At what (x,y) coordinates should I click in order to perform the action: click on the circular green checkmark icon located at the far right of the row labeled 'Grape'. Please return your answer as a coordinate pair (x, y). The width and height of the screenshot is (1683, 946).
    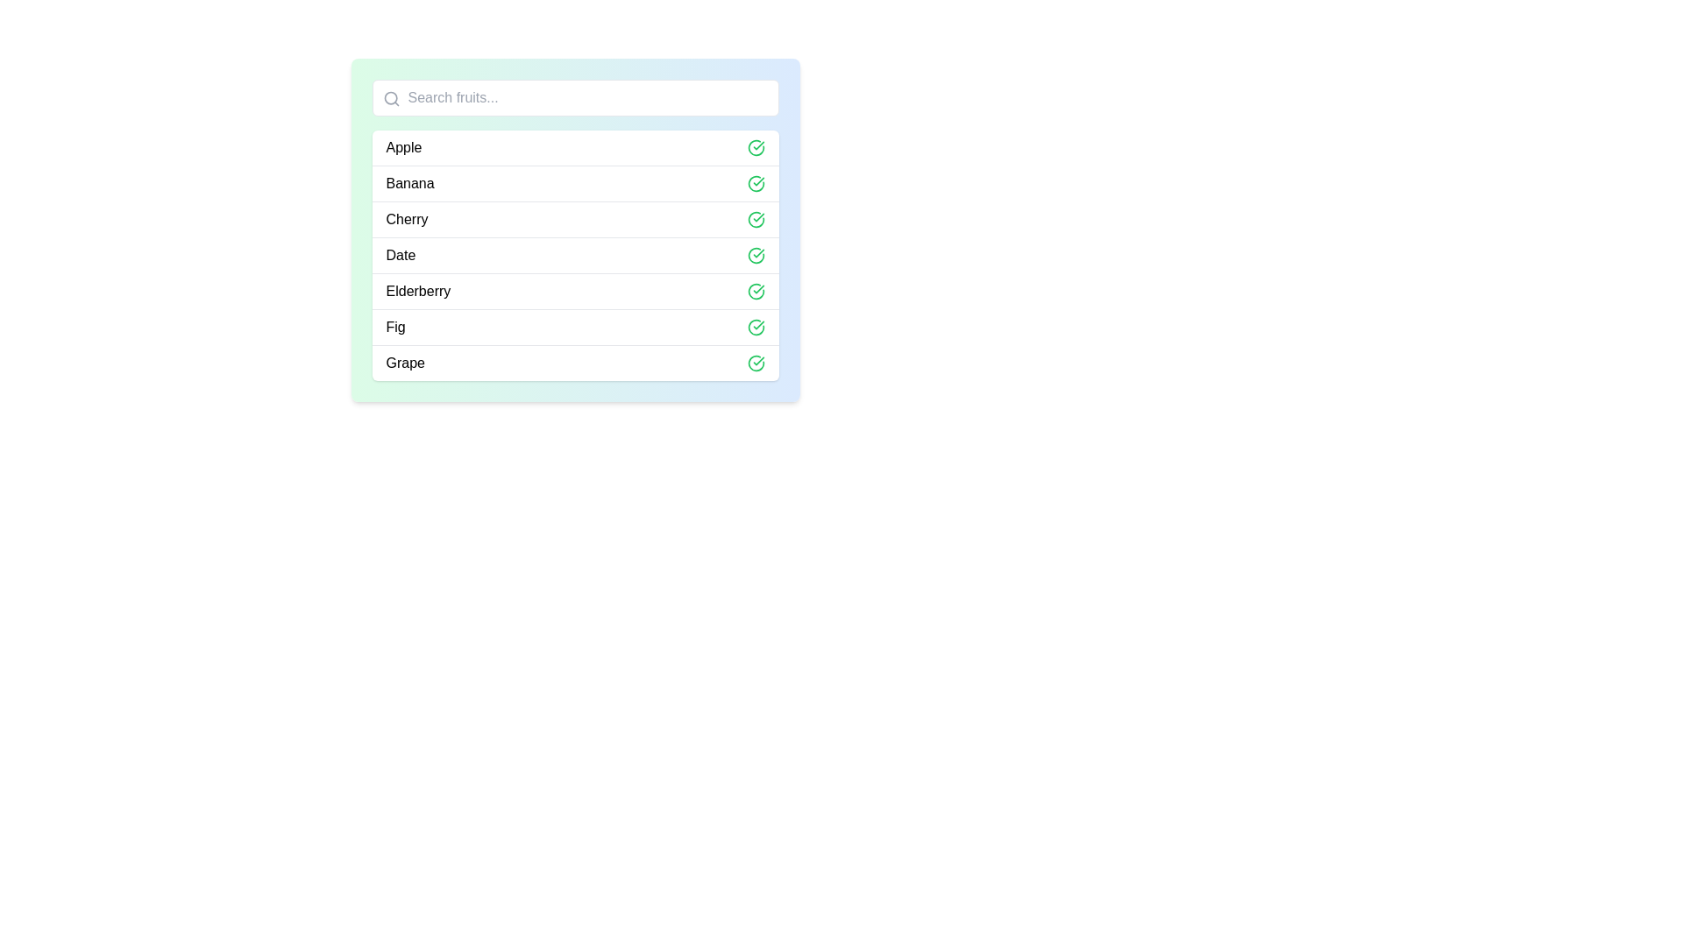
    Looking at the image, I should click on (756, 363).